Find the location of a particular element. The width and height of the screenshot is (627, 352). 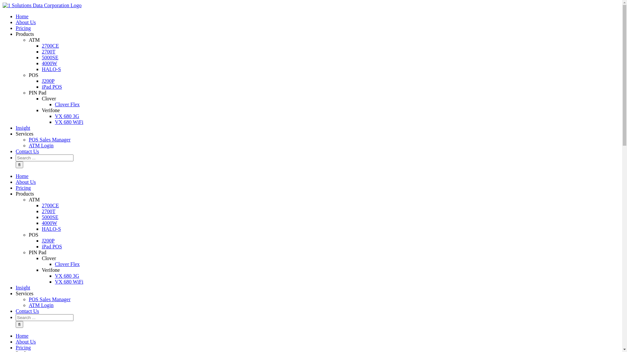

'About Us' is located at coordinates (16, 182).